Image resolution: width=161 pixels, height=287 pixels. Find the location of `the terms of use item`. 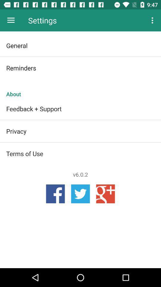

the terms of use item is located at coordinates (80, 153).